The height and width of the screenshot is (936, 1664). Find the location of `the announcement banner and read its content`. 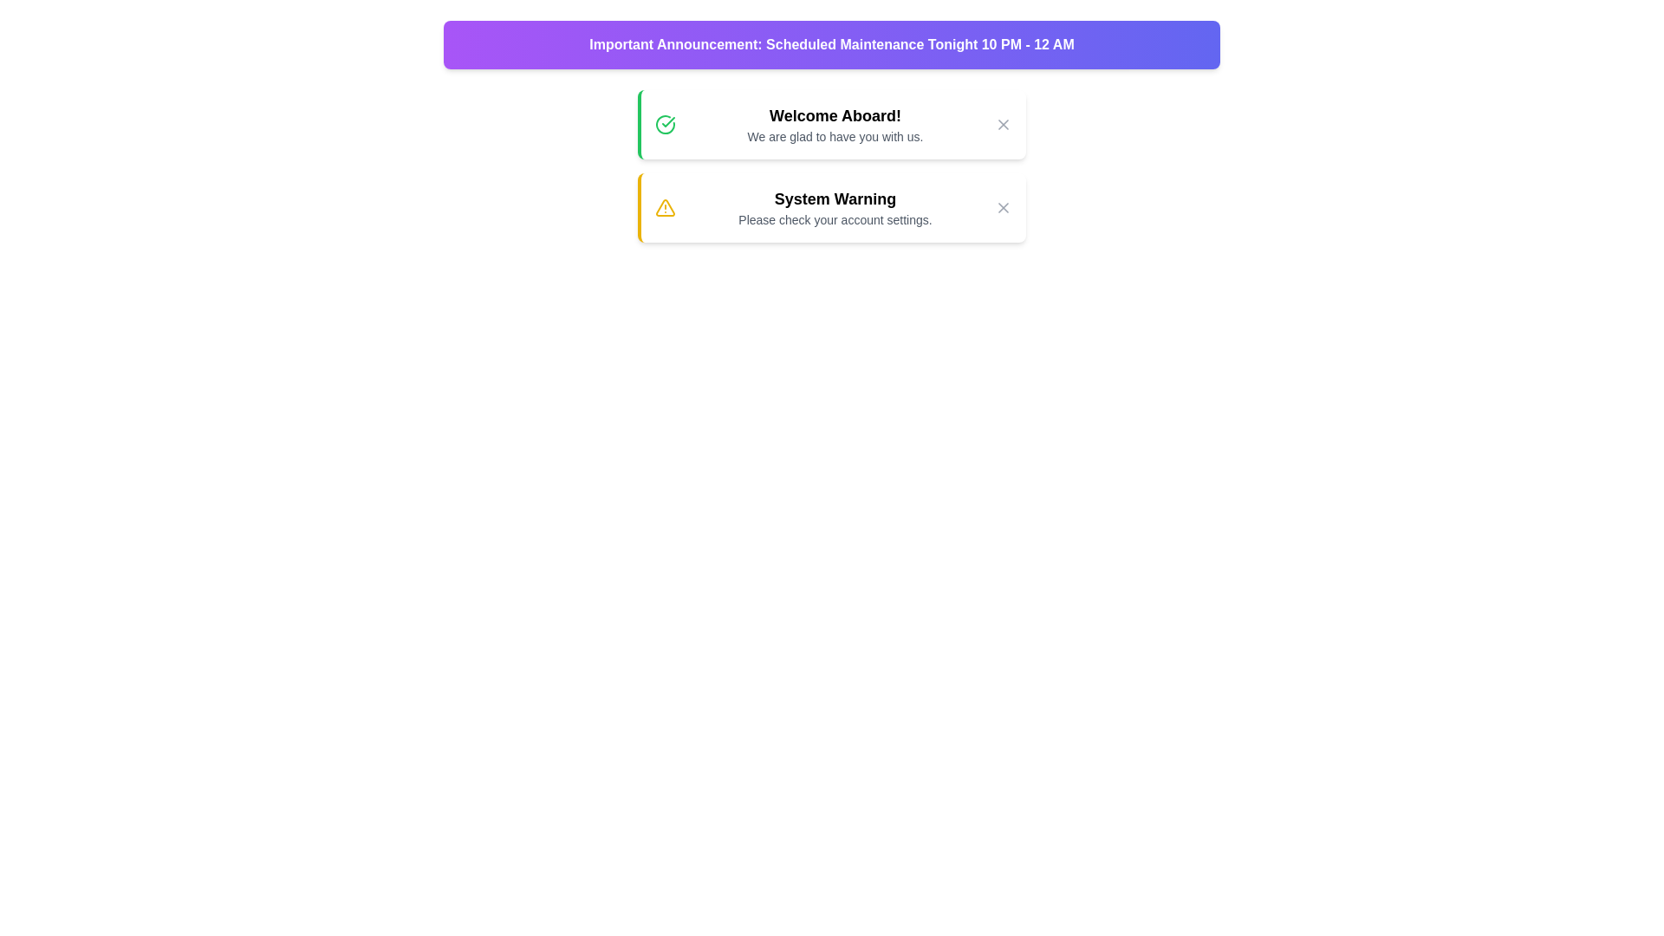

the announcement banner and read its content is located at coordinates (832, 43).